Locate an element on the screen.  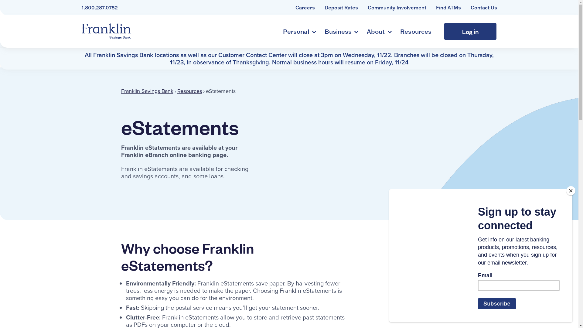
'Careers' is located at coordinates (305, 7).